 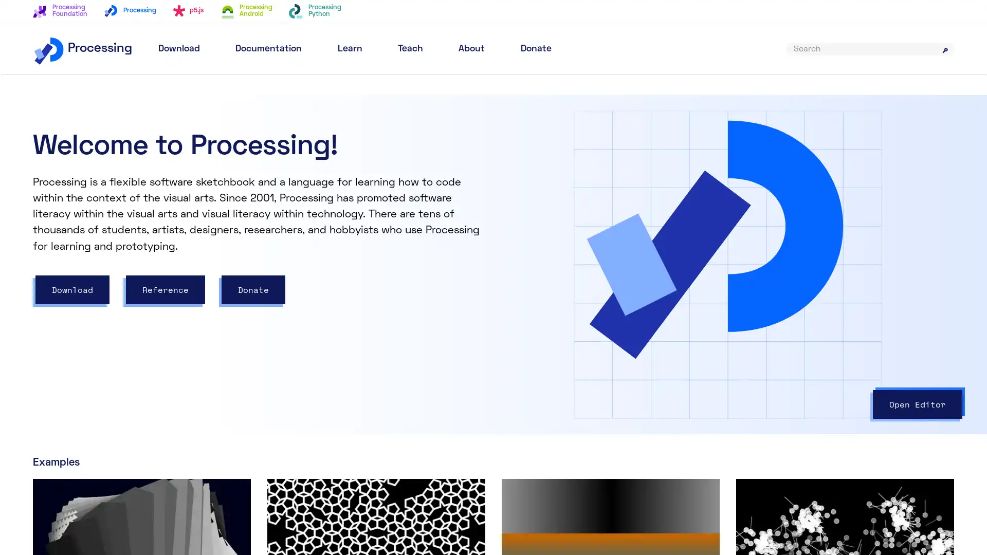 What do you see at coordinates (599, 305) in the screenshot?
I see `change position` at bounding box center [599, 305].